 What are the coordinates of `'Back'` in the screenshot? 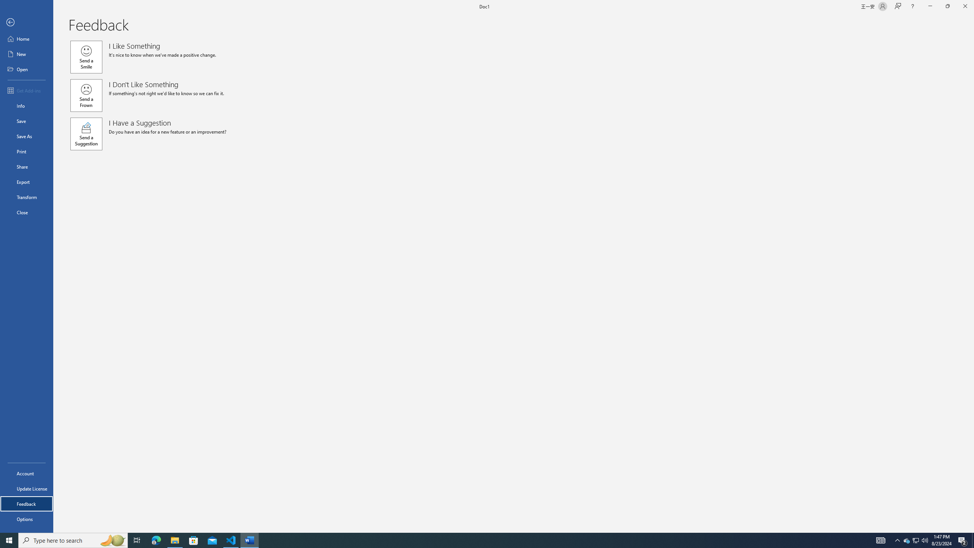 It's located at (26, 22).